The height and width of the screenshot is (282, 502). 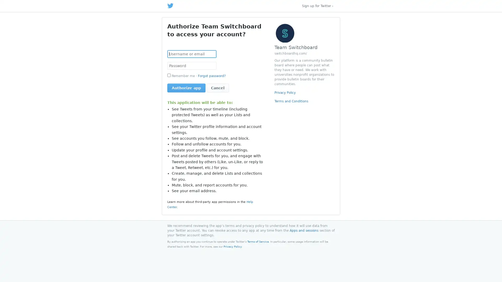 What do you see at coordinates (186, 87) in the screenshot?
I see `Authorize app` at bounding box center [186, 87].